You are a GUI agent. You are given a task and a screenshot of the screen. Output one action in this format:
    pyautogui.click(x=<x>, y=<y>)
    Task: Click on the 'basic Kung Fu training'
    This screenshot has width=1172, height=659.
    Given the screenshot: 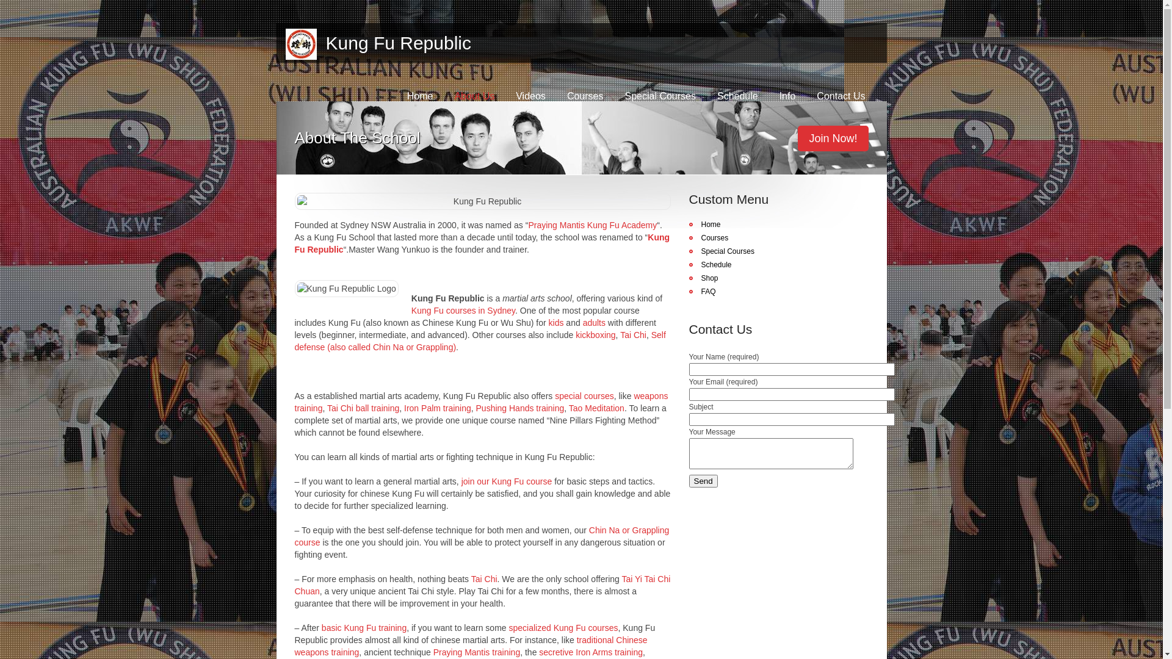 What is the action you would take?
    pyautogui.click(x=363, y=628)
    